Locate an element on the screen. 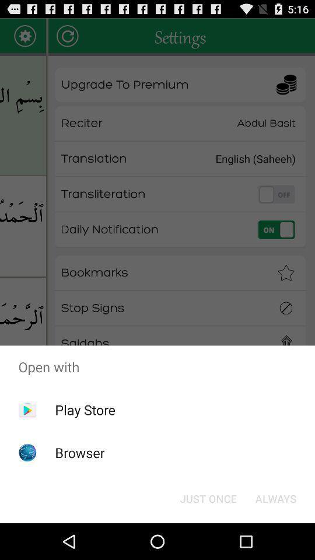  just once item is located at coordinates (208, 498).